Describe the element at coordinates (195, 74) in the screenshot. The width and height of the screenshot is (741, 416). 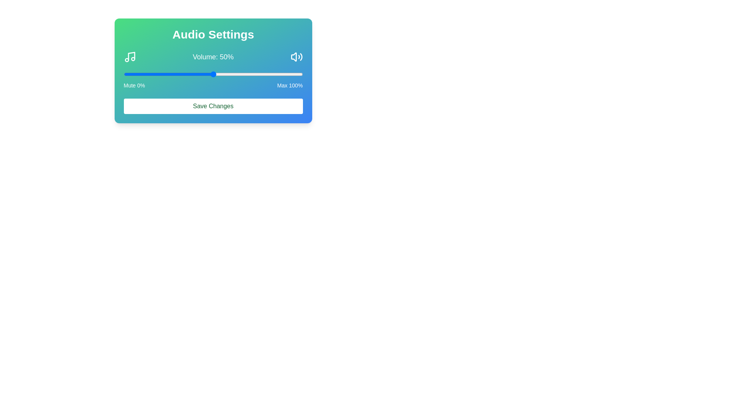
I see `the volume slider to 40%` at that location.